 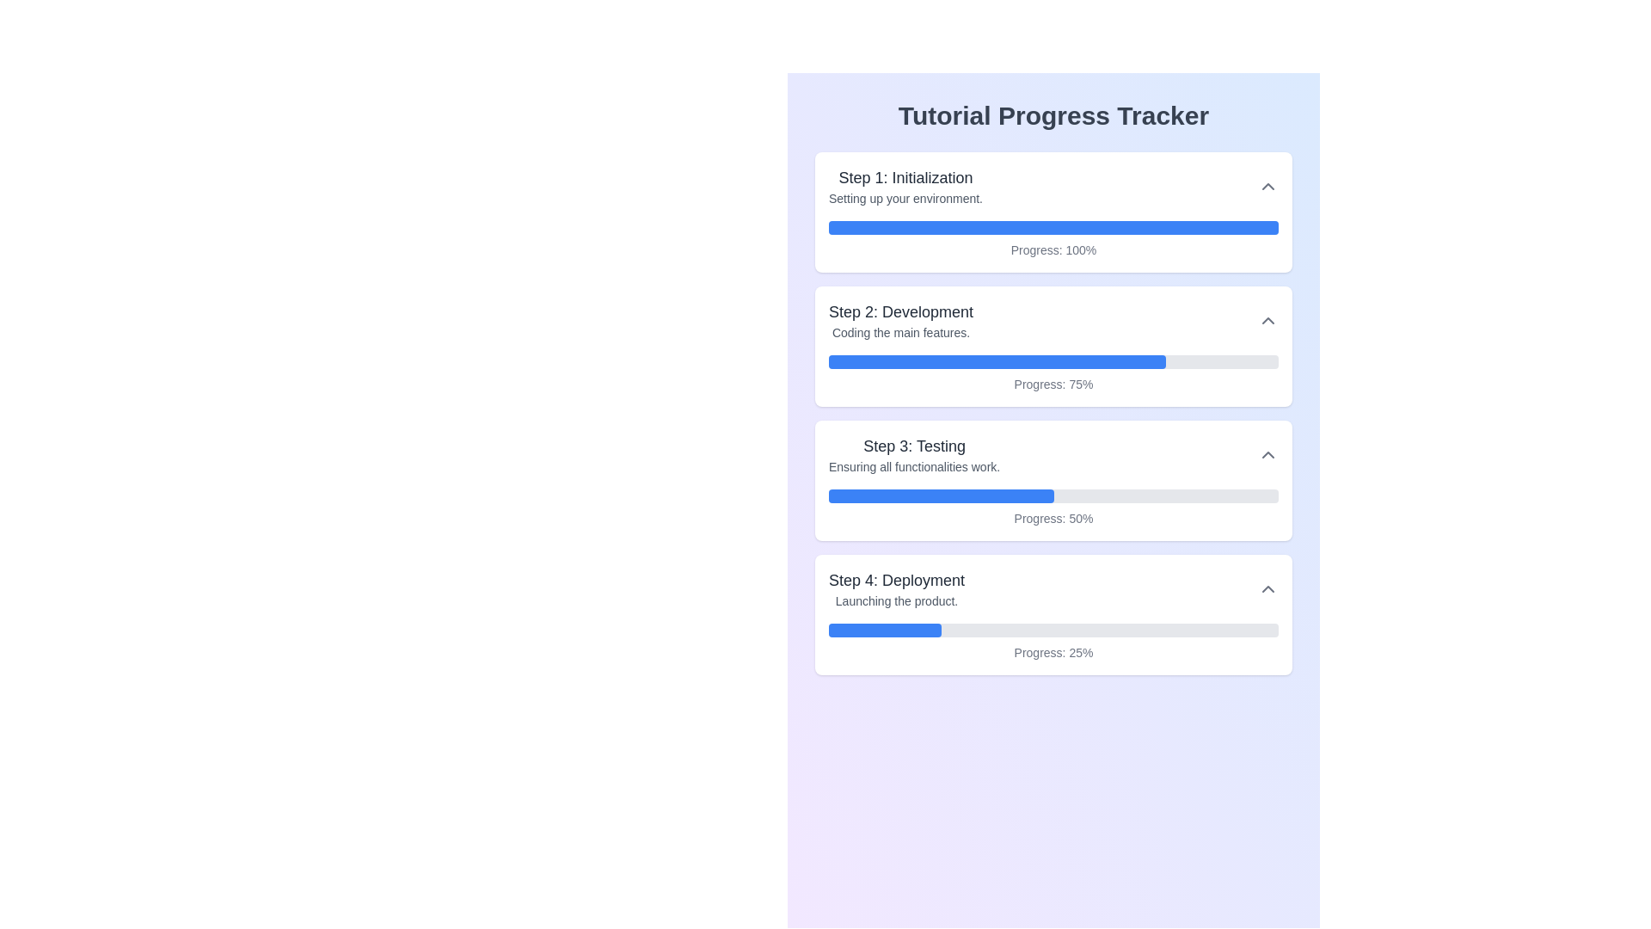 What do you see at coordinates (1053, 384) in the screenshot?
I see `the text display that shows 'Progress: 75%' located beneath the blue and gray progress bar in Step 2 of the four-step progress tracker` at bounding box center [1053, 384].